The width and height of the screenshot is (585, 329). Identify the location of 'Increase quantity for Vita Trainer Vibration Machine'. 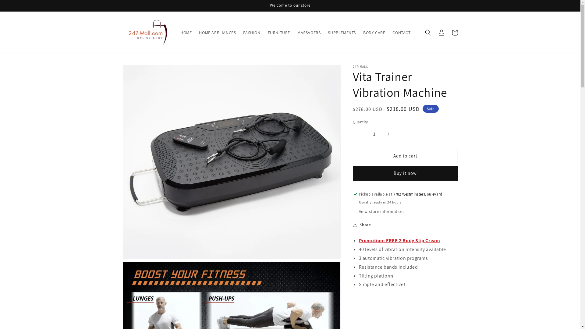
(381, 133).